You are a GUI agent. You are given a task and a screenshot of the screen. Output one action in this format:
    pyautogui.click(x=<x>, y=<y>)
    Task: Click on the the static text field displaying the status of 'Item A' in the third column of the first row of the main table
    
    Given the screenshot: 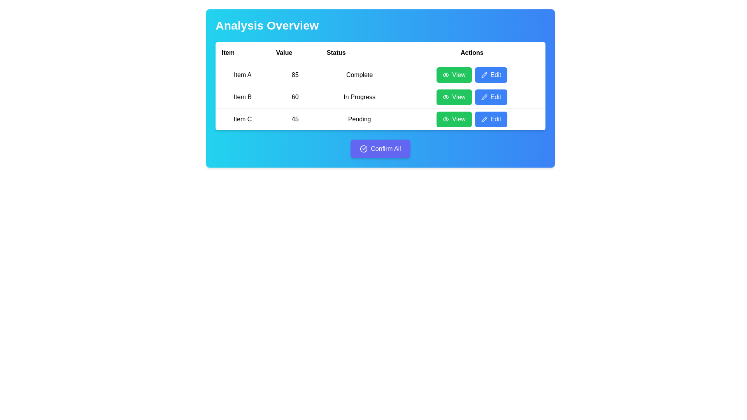 What is the action you would take?
    pyautogui.click(x=359, y=75)
    